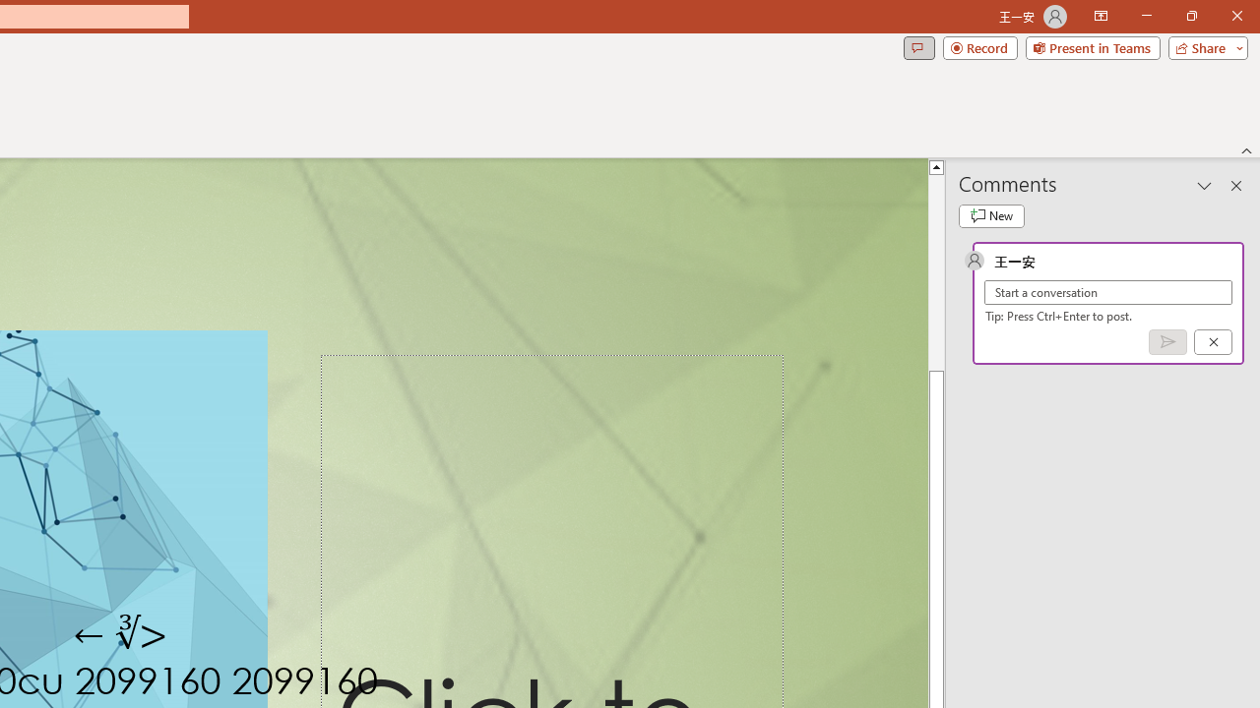 The image size is (1260, 708). I want to click on 'Post comment (Ctrl + Enter)', so click(1167, 340).